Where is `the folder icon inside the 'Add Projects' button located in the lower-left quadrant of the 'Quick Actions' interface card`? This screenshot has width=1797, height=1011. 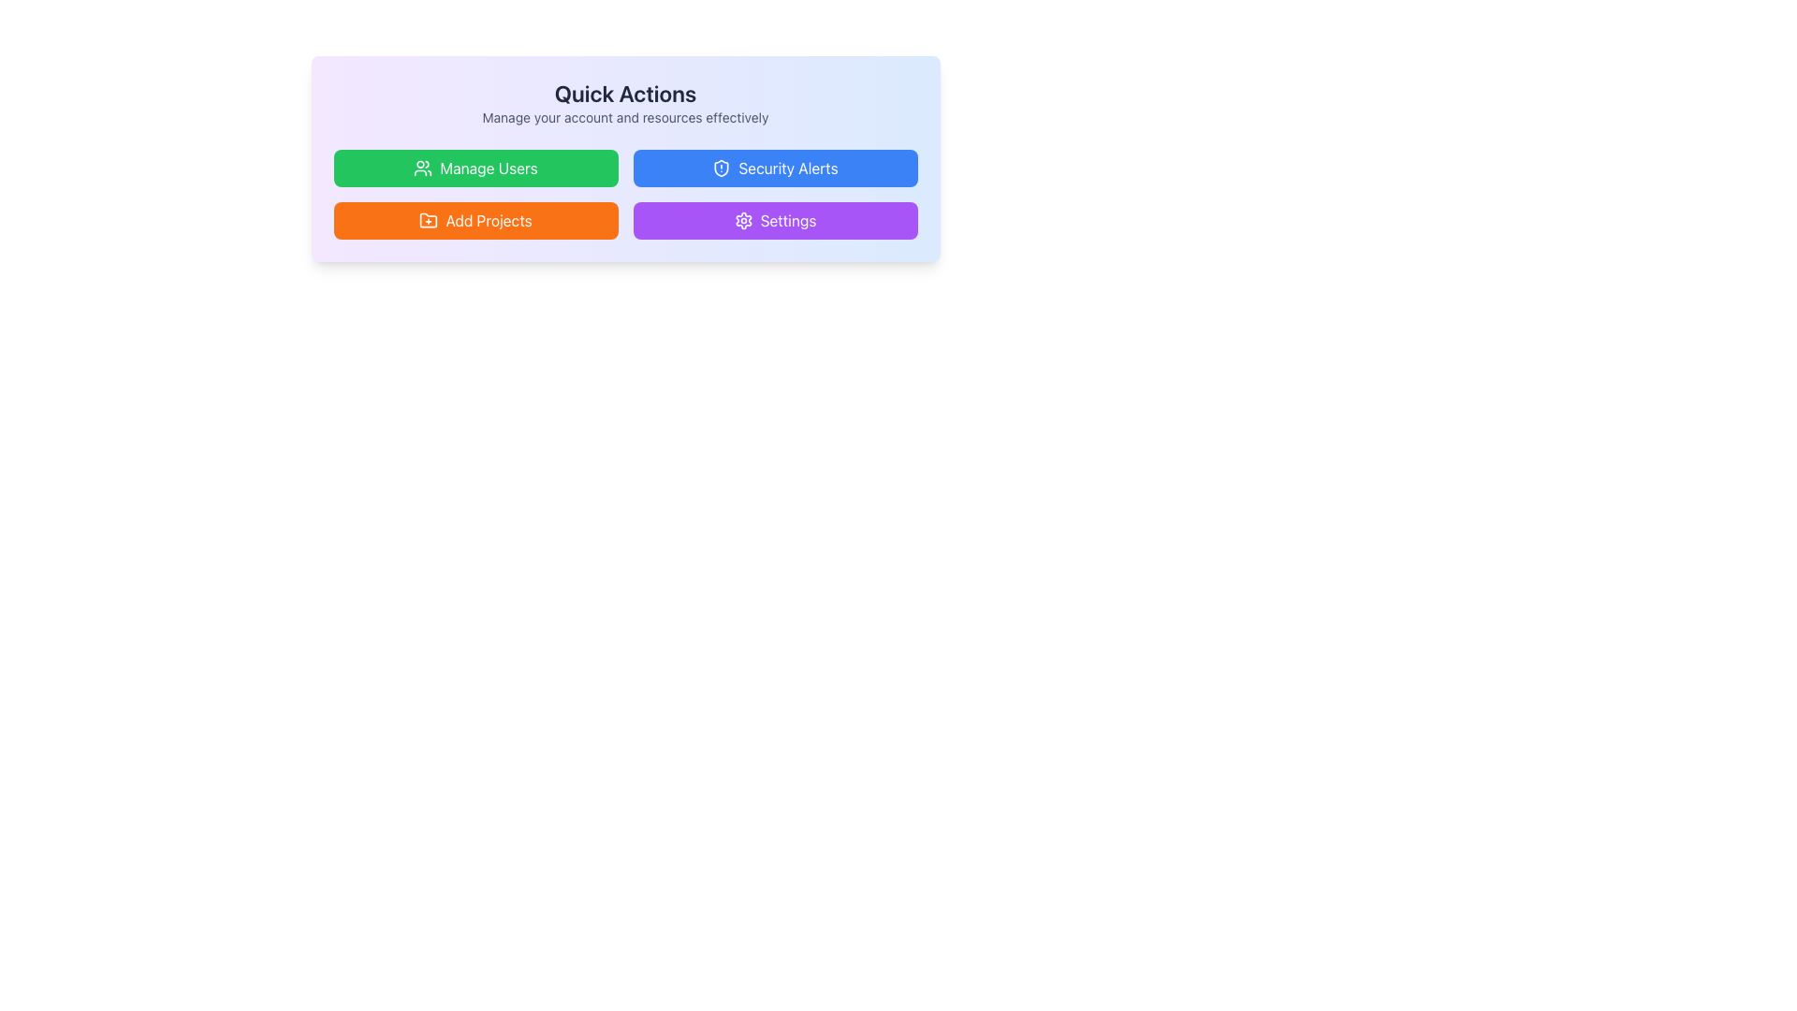
the folder icon inside the 'Add Projects' button located in the lower-left quadrant of the 'Quick Actions' interface card is located at coordinates (428, 219).